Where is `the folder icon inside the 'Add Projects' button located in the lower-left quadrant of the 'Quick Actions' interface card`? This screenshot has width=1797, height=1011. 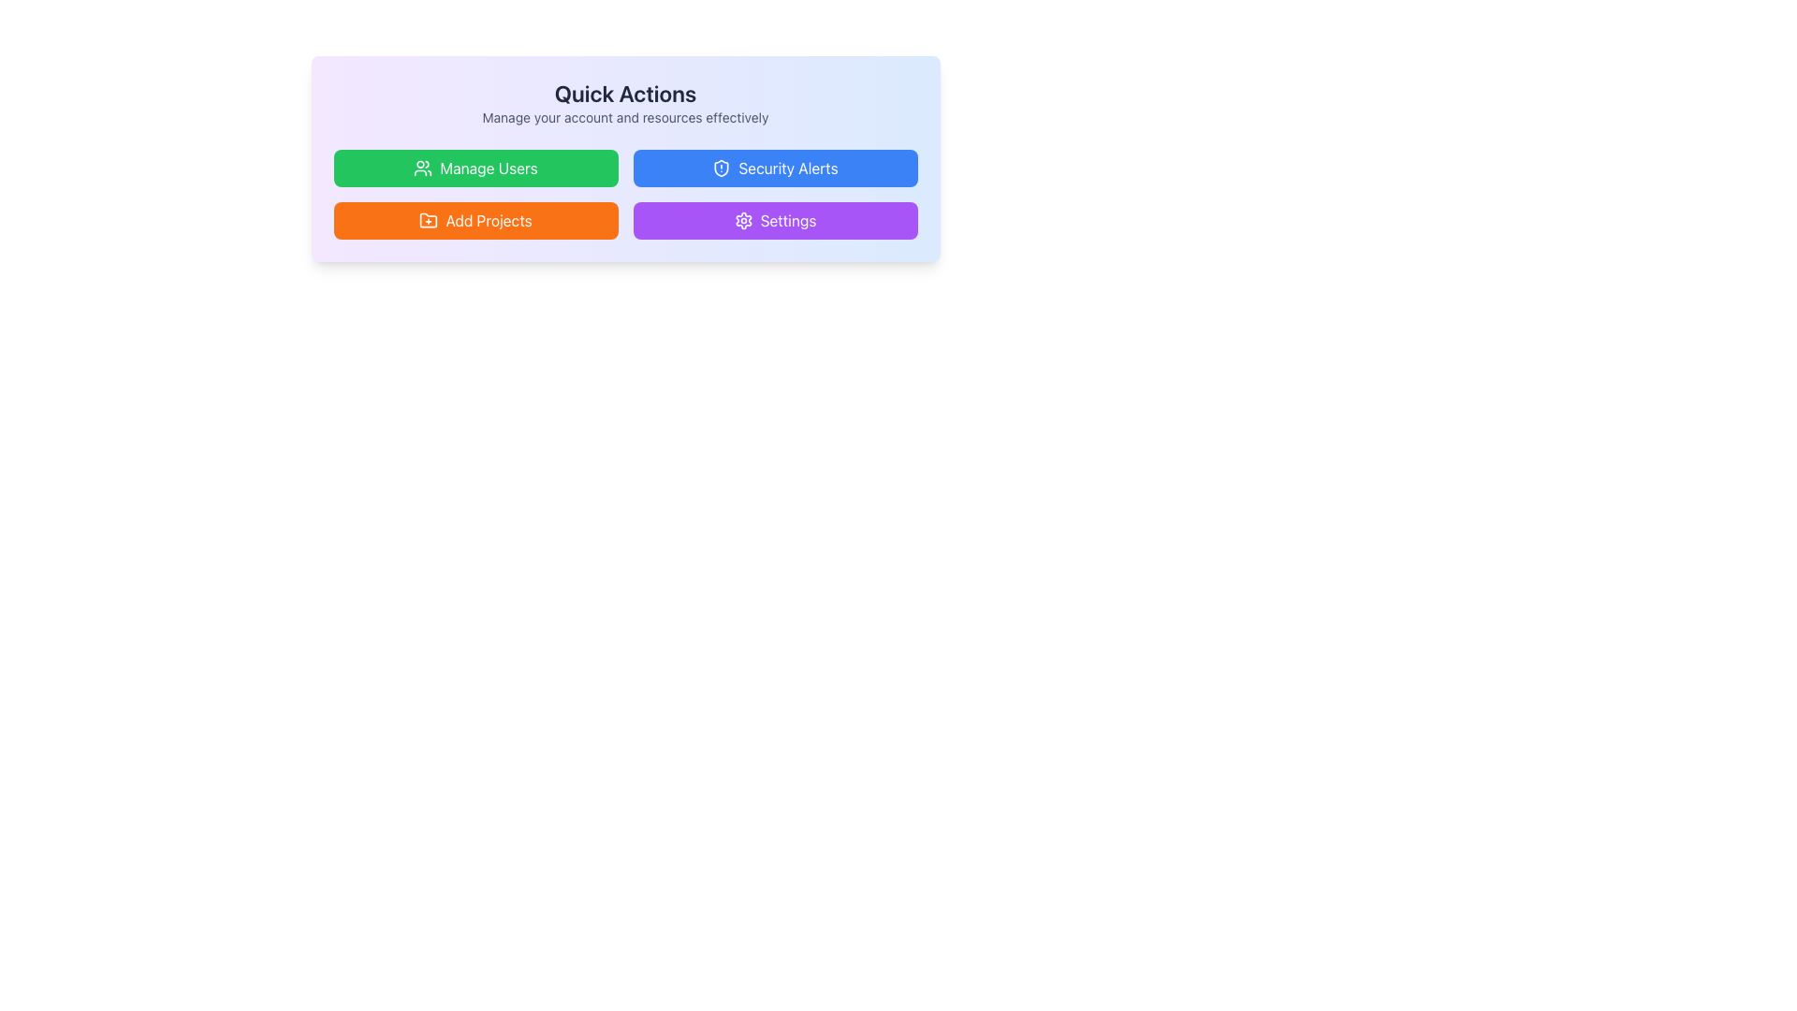
the folder icon inside the 'Add Projects' button located in the lower-left quadrant of the 'Quick Actions' interface card is located at coordinates (428, 219).